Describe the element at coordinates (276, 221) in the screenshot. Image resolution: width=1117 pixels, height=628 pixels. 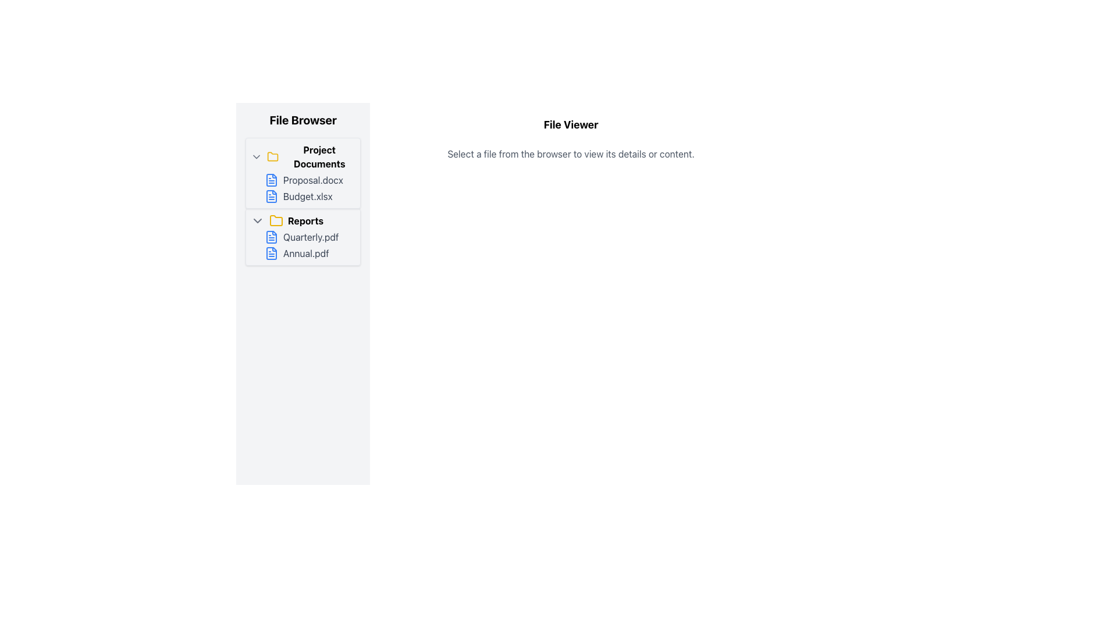
I see `the 'Reports' folder icon located to the left of the text 'Reports' in the file browsing structure` at that location.